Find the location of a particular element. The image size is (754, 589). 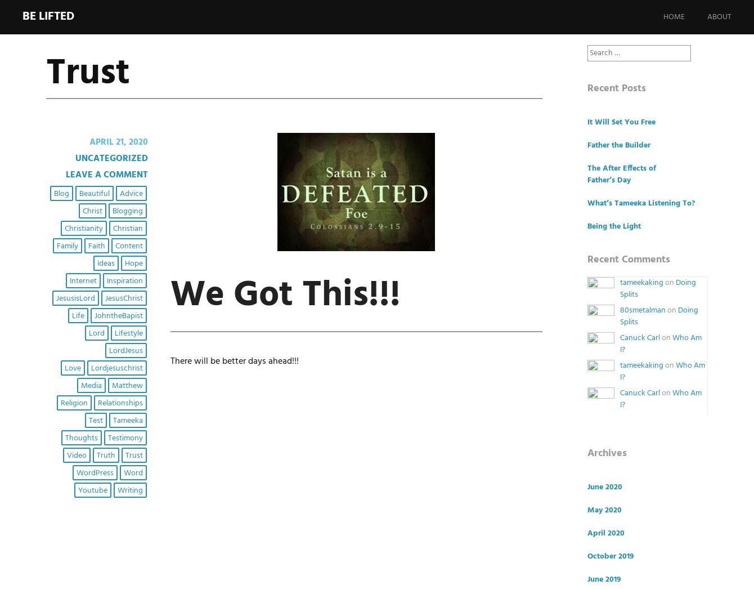

'Family' is located at coordinates (66, 246).